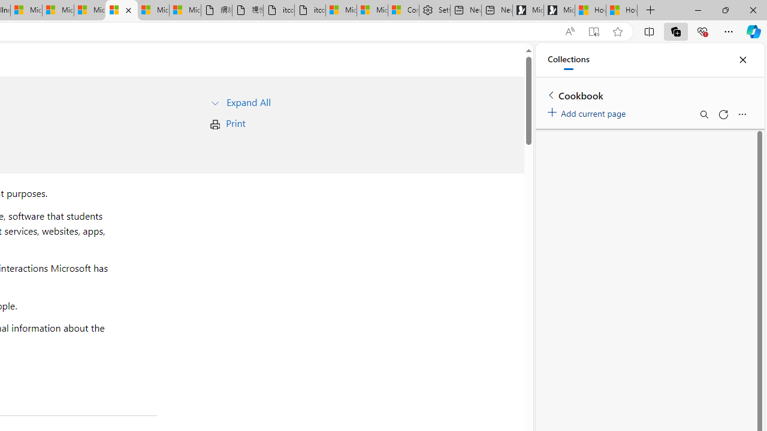 Image resolution: width=767 pixels, height=431 pixels. What do you see at coordinates (57, 10) in the screenshot?
I see `'Microsoft Services Agreement'` at bounding box center [57, 10].